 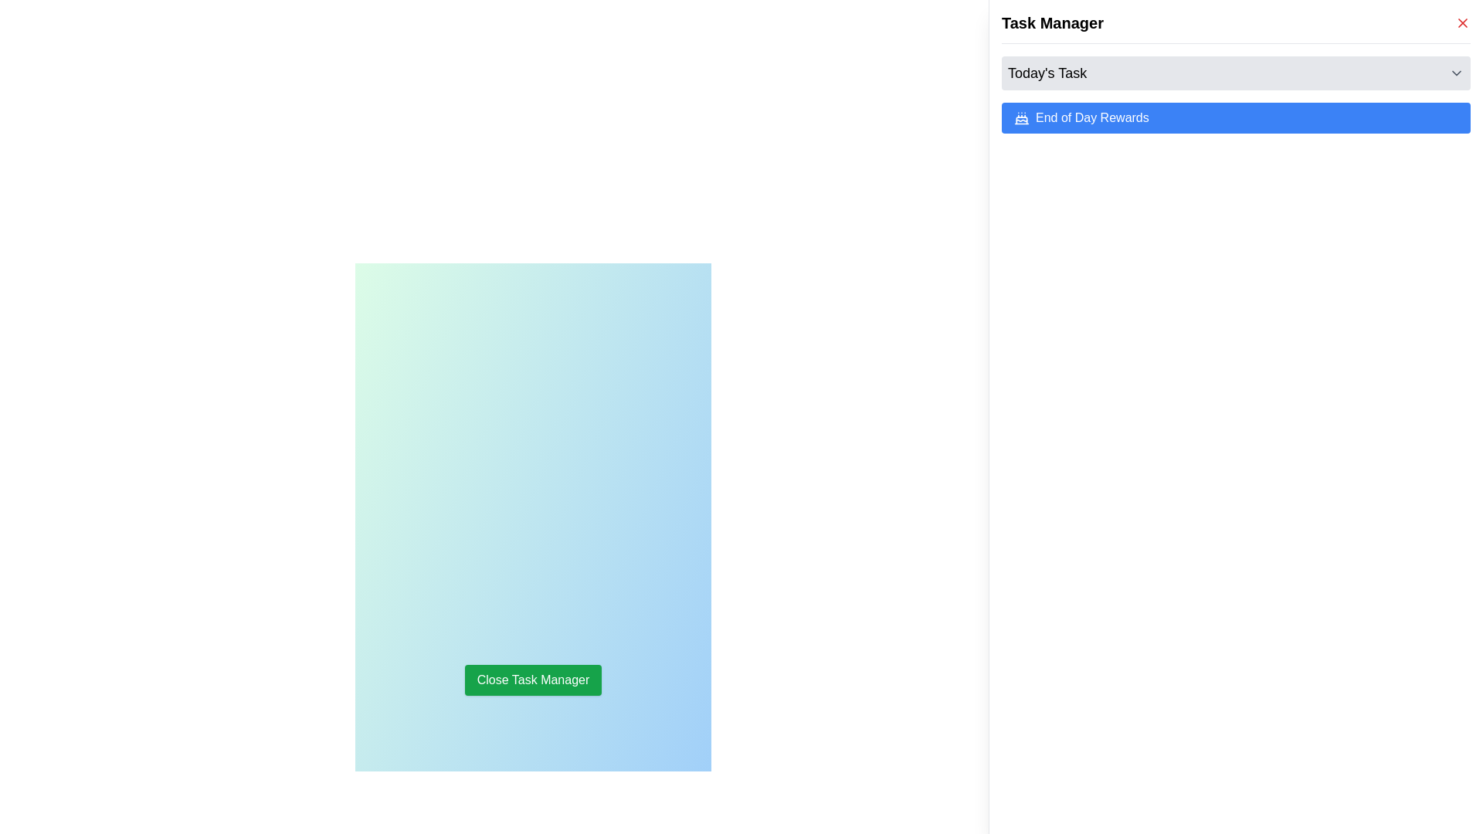 I want to click on the cake icon with three candles located on the left side of the blue button labeled 'End of Day Rewards', so click(x=1022, y=117).